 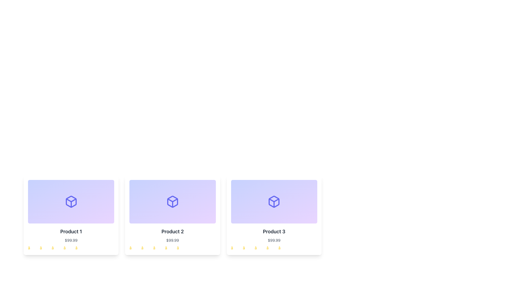 I want to click on the Information Card located in the top left corner of the grid layout, so click(x=71, y=215).